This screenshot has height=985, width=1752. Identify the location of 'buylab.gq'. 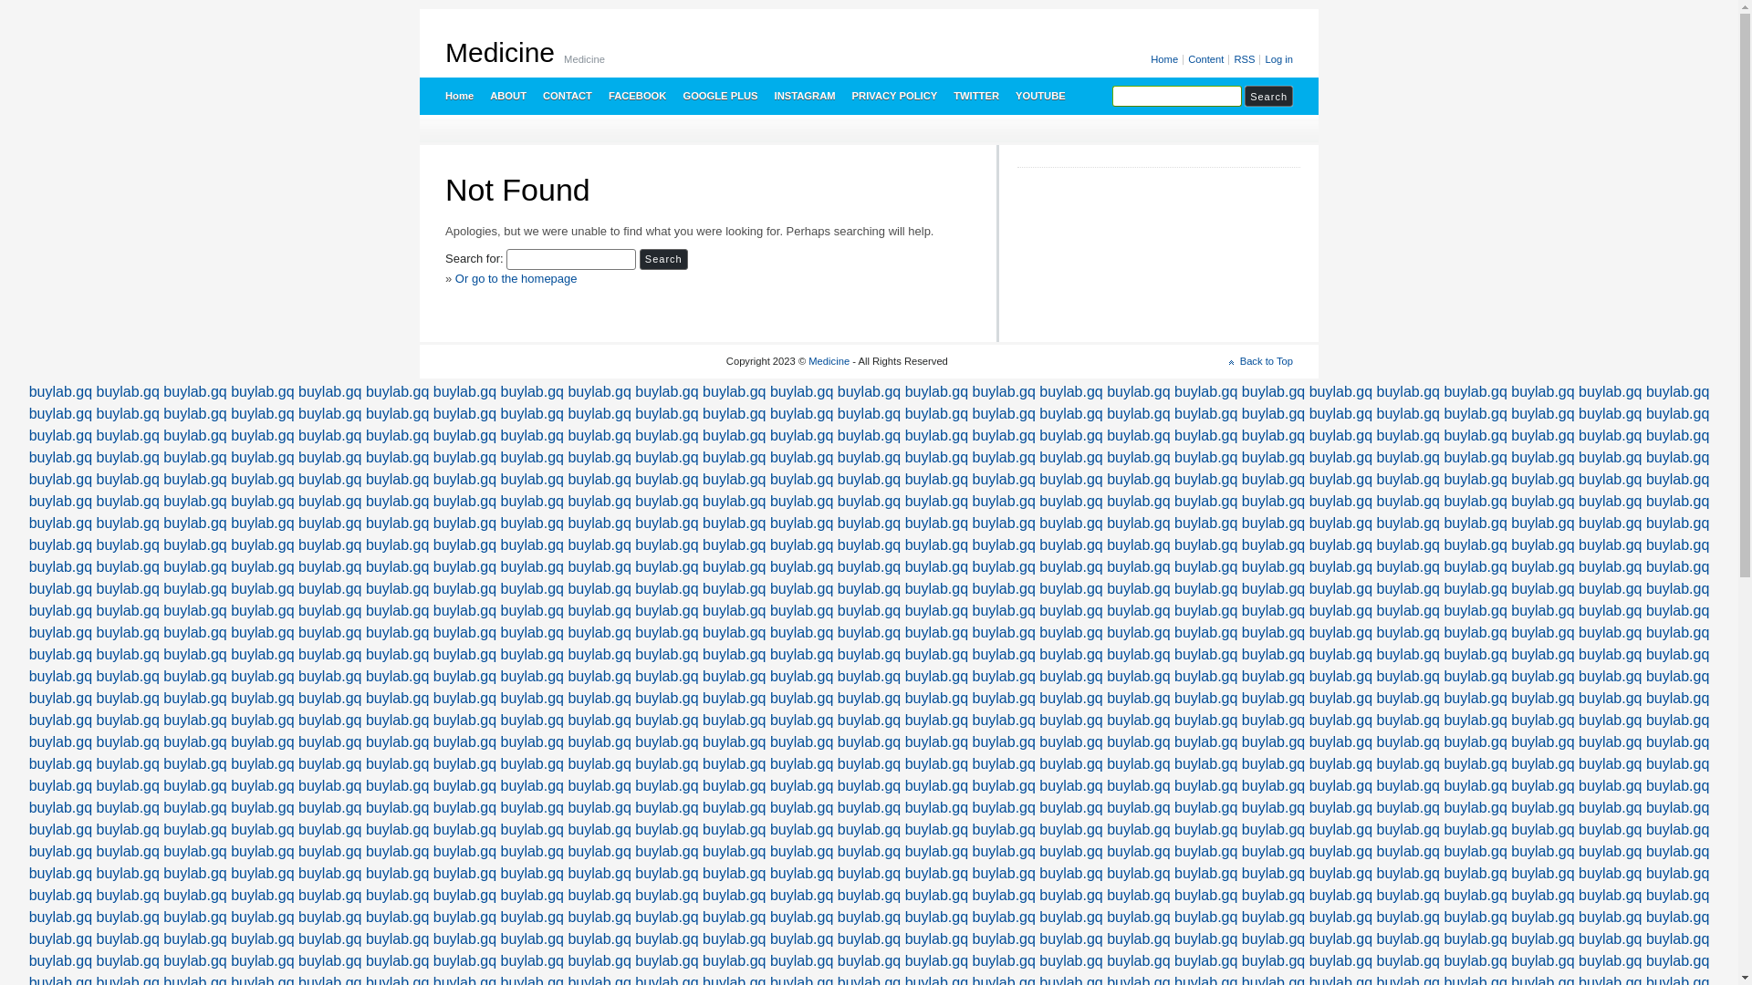
(127, 719).